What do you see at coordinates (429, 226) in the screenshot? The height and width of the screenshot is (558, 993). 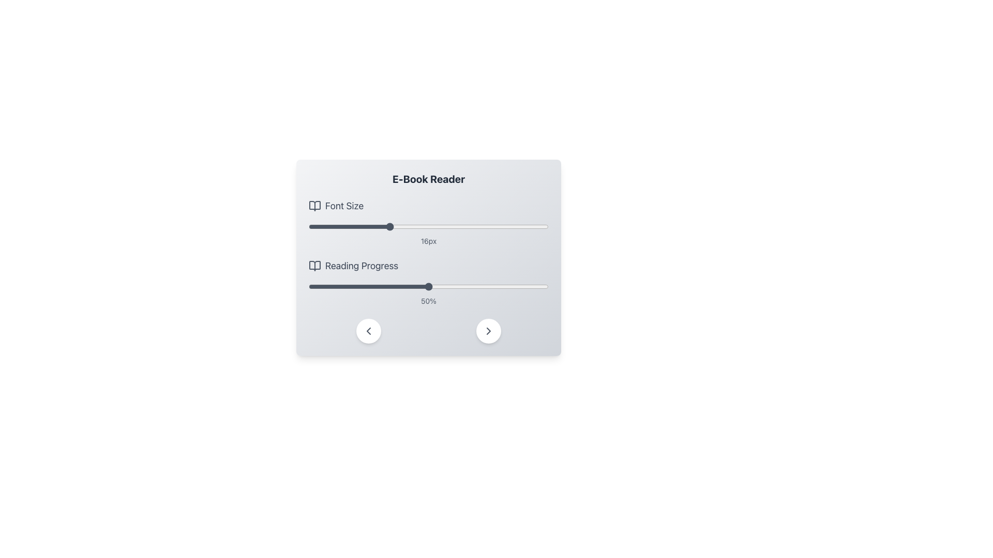 I see `the font size` at bounding box center [429, 226].